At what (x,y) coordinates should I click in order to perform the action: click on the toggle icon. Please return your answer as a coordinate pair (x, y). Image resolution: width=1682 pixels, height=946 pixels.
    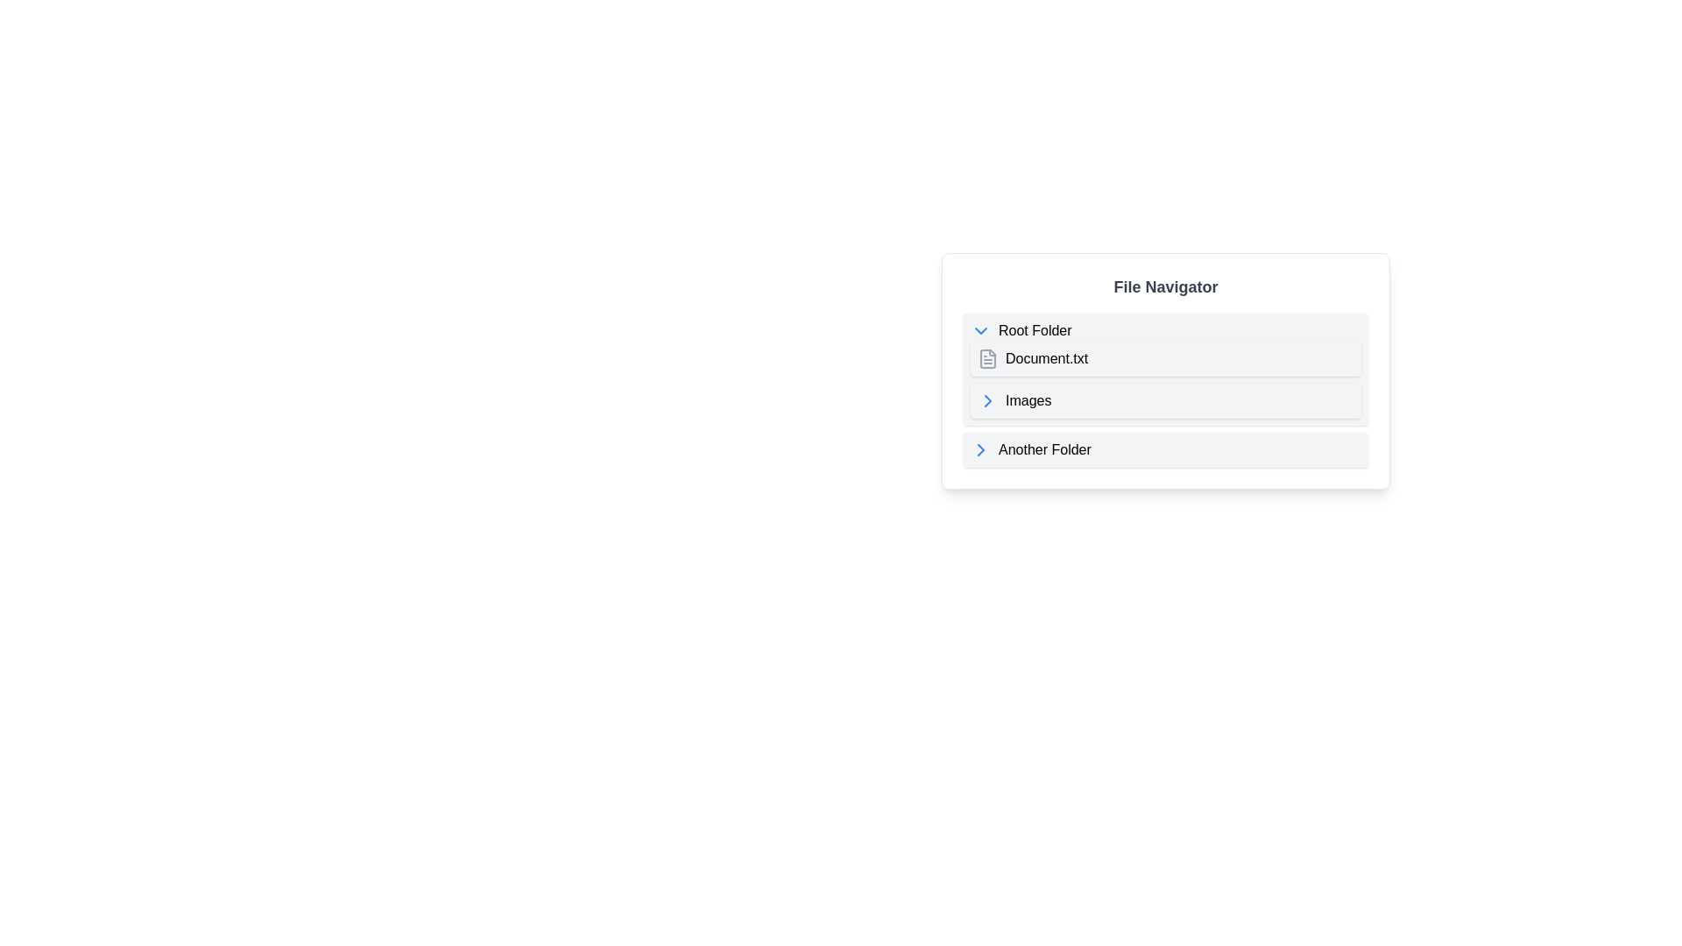
    Looking at the image, I should click on (979, 331).